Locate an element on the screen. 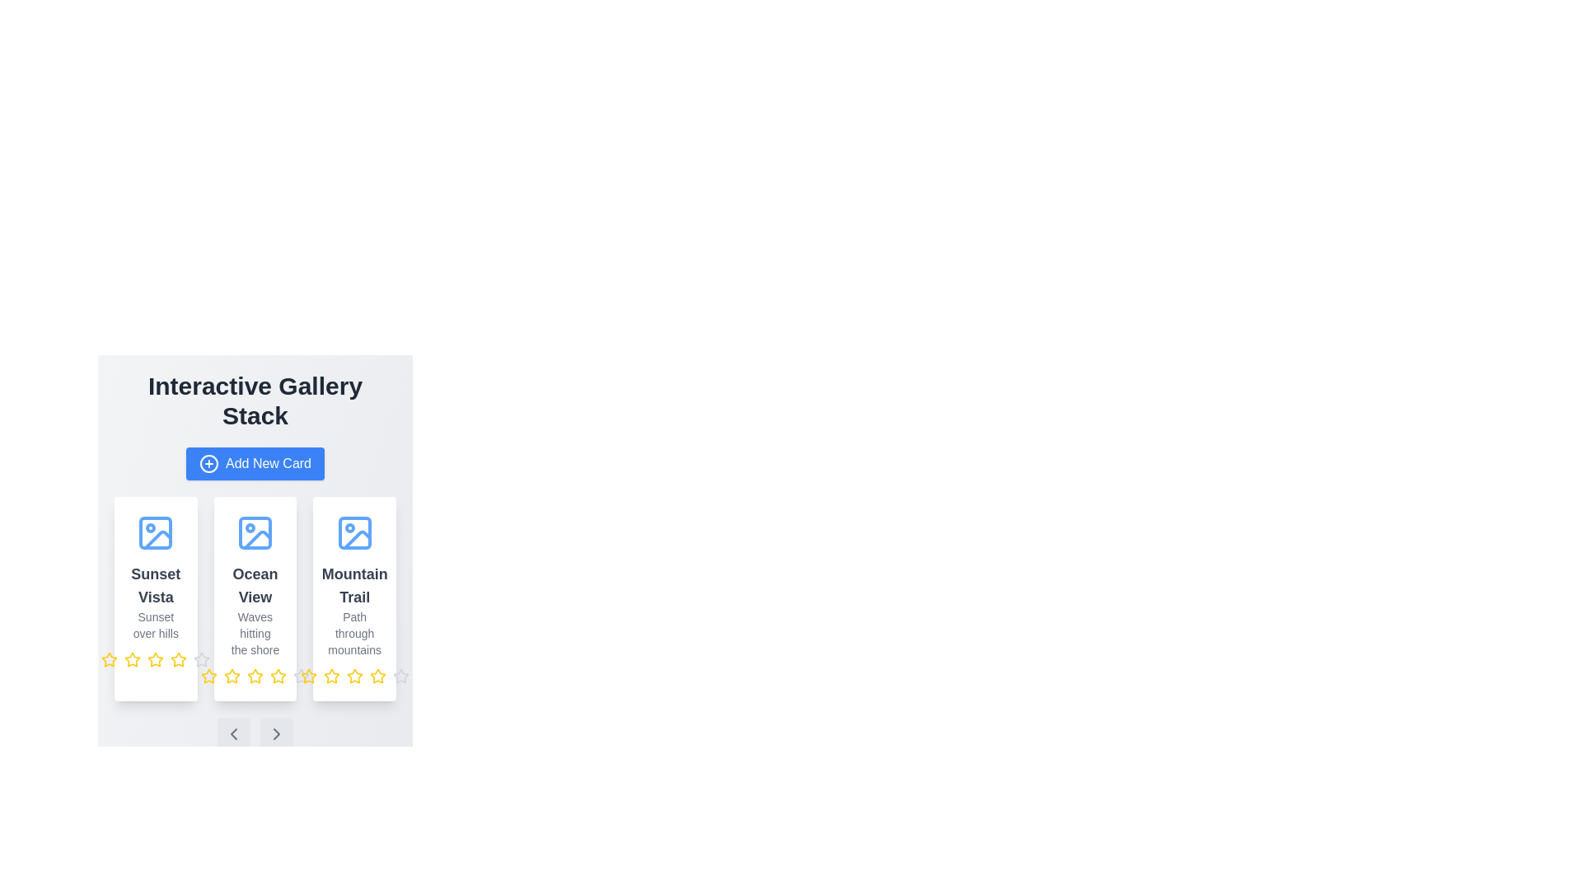 Image resolution: width=1582 pixels, height=890 pixels. the second star-shaped rating icon with yellow borders and a white-filled center is located at coordinates (232, 676).